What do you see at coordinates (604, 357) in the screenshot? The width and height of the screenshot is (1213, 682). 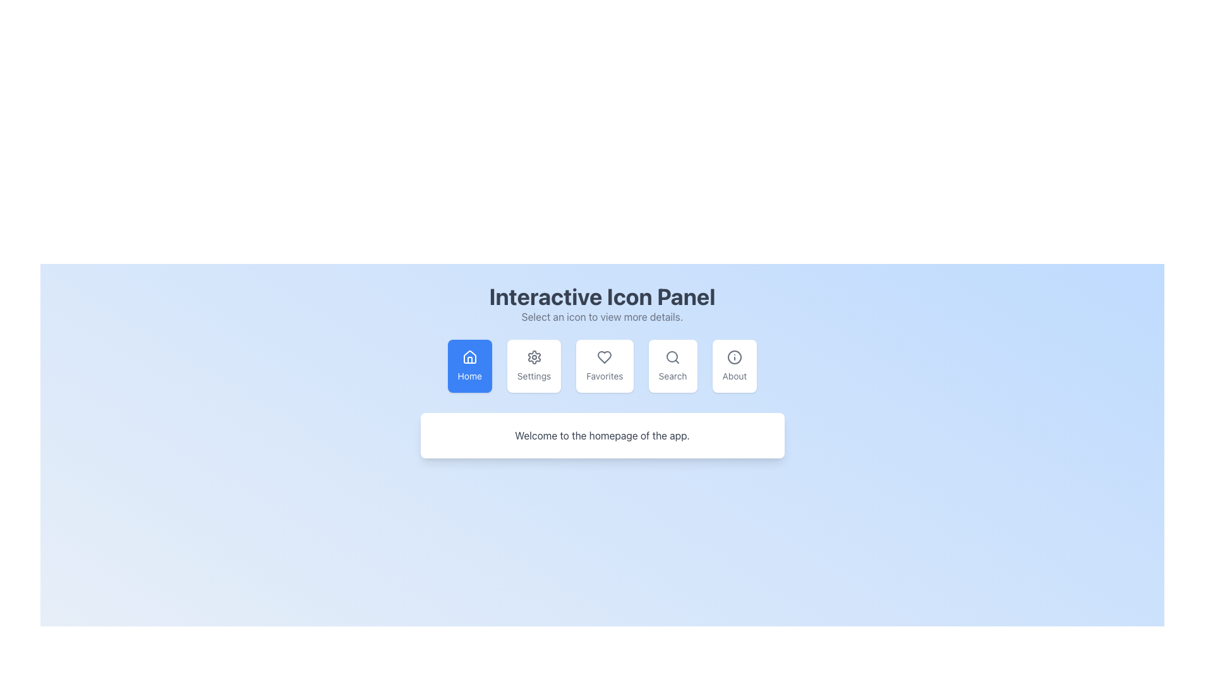 I see `the heart-shaped 'Favorites' icon located near the central top portion of the interface` at bounding box center [604, 357].